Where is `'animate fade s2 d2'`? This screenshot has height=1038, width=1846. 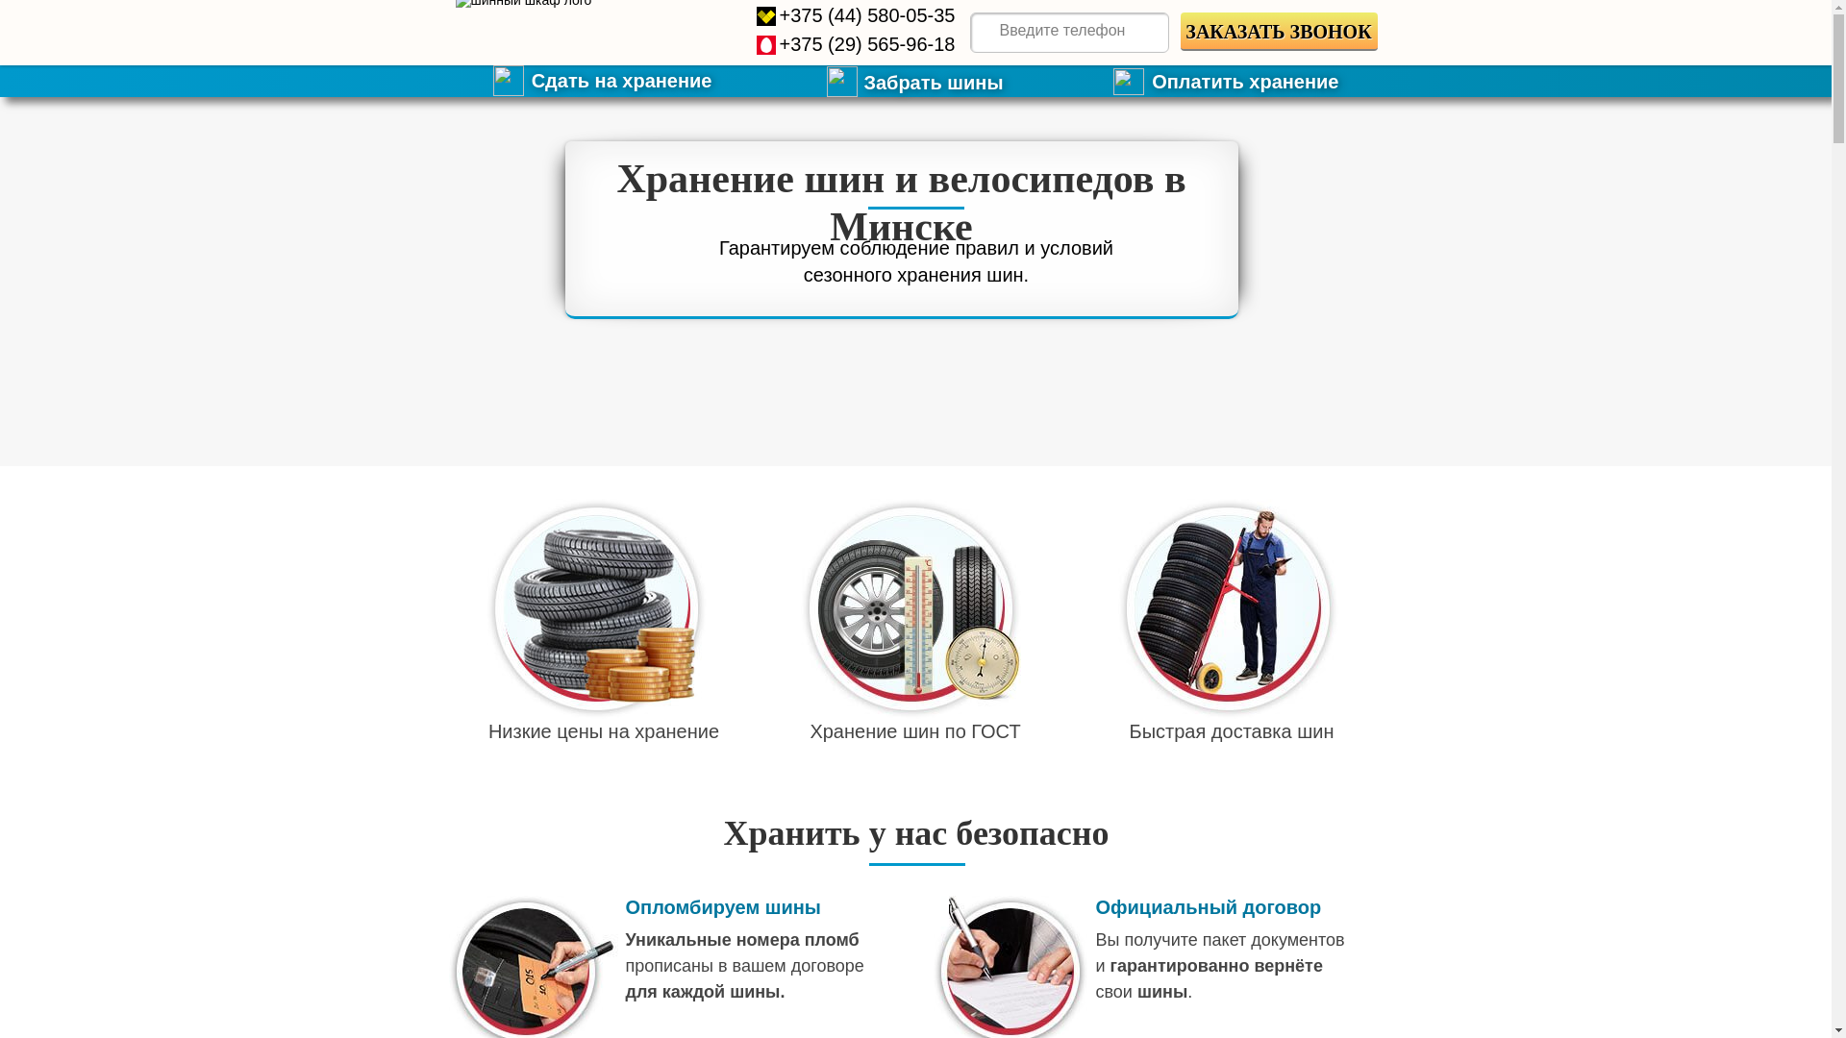 'animate fade s2 d2' is located at coordinates (909, 608).